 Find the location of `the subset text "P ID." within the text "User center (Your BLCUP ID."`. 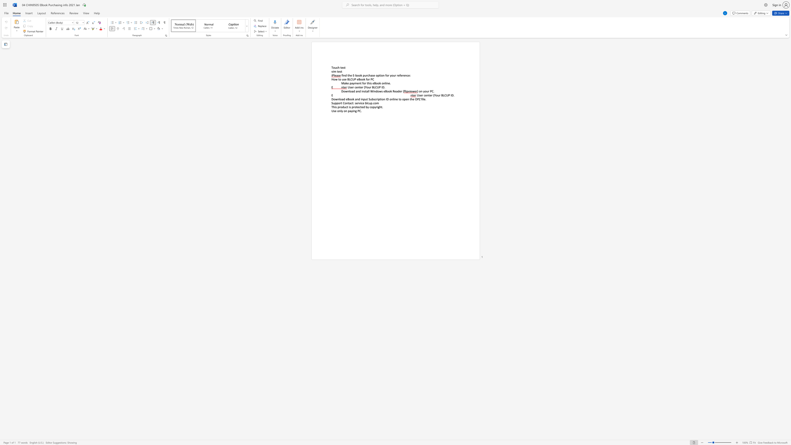

the subset text "P ID." within the text "User center (Your BLCUP ID." is located at coordinates (379, 87).